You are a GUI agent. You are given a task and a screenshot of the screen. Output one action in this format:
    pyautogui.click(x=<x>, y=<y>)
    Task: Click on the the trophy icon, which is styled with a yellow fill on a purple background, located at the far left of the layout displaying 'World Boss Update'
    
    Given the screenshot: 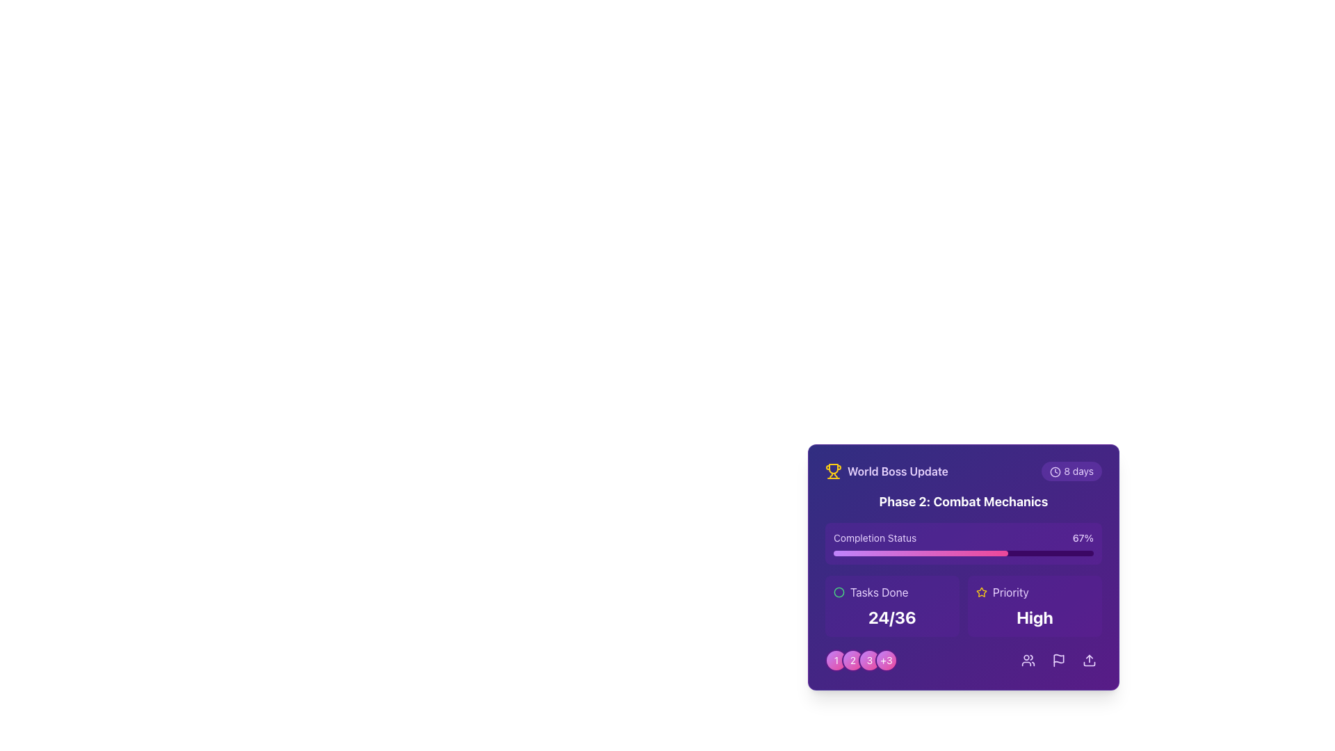 What is the action you would take?
    pyautogui.click(x=834, y=471)
    